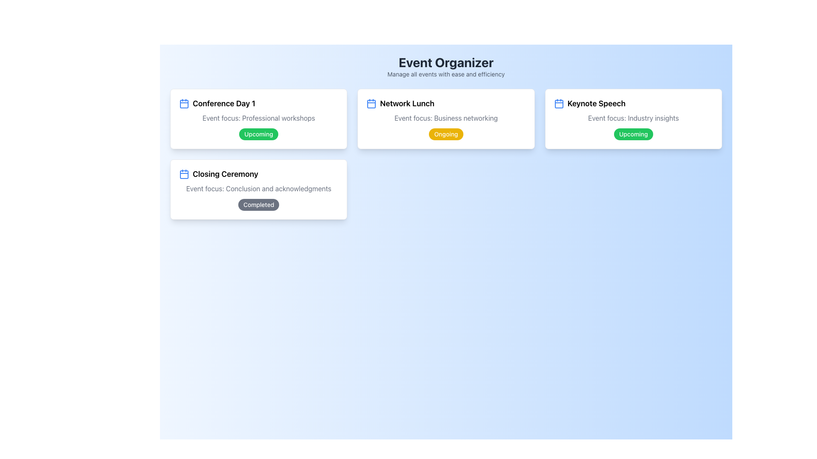 The image size is (817, 459). Describe the element at coordinates (446, 62) in the screenshot. I see `the large, bold, centered text element displaying 'Event Organizer', which is prominently styled in dark gray against a light blue background` at that location.